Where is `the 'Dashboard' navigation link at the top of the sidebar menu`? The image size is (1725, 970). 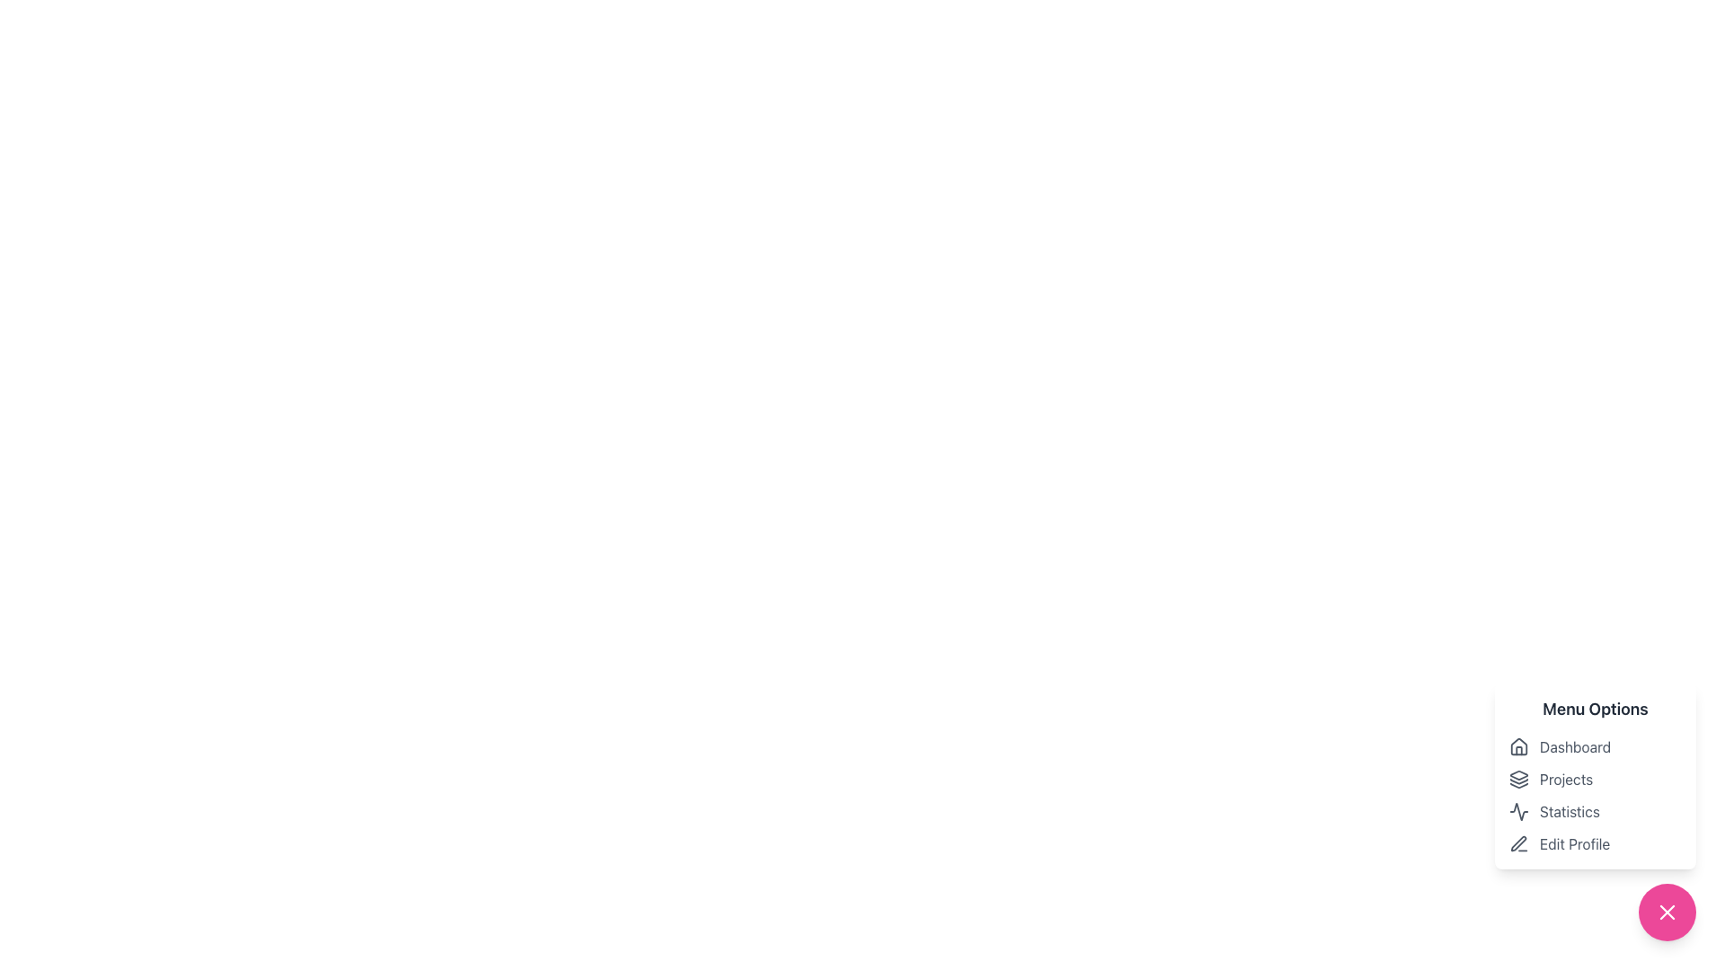
the 'Dashboard' navigation link at the top of the sidebar menu is located at coordinates (1596, 747).